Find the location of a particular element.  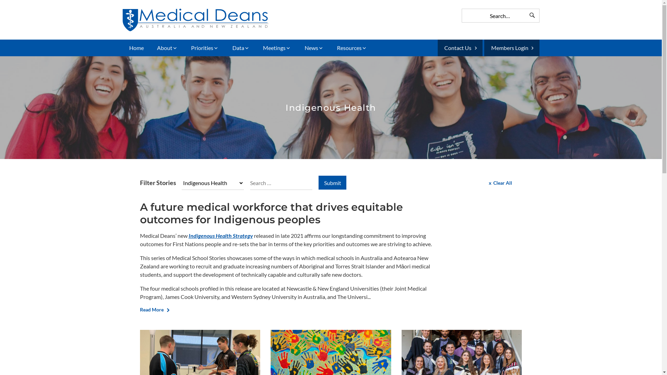

'Meetings' is located at coordinates (277, 48).